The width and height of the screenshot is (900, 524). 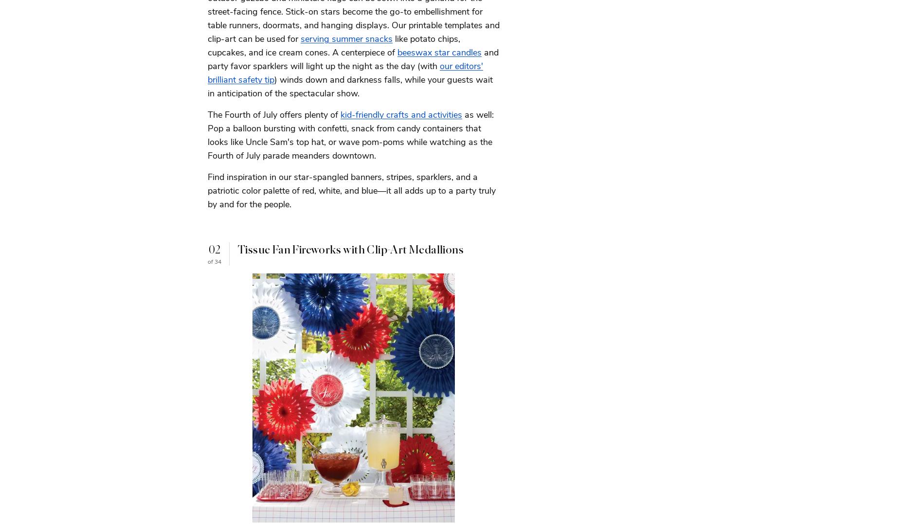 What do you see at coordinates (346, 38) in the screenshot?
I see `'serving summer snacks'` at bounding box center [346, 38].